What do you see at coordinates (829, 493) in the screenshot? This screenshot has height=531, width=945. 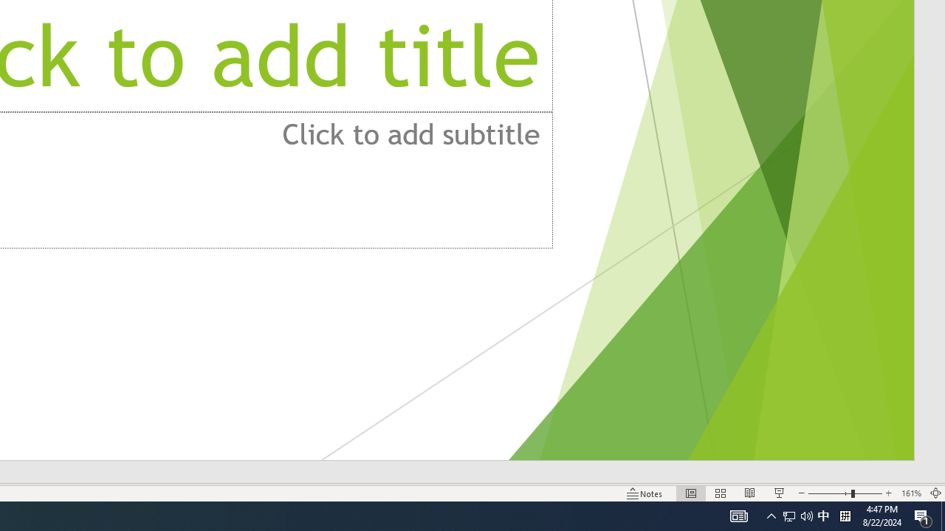 I see `'Zoom Out'` at bounding box center [829, 493].